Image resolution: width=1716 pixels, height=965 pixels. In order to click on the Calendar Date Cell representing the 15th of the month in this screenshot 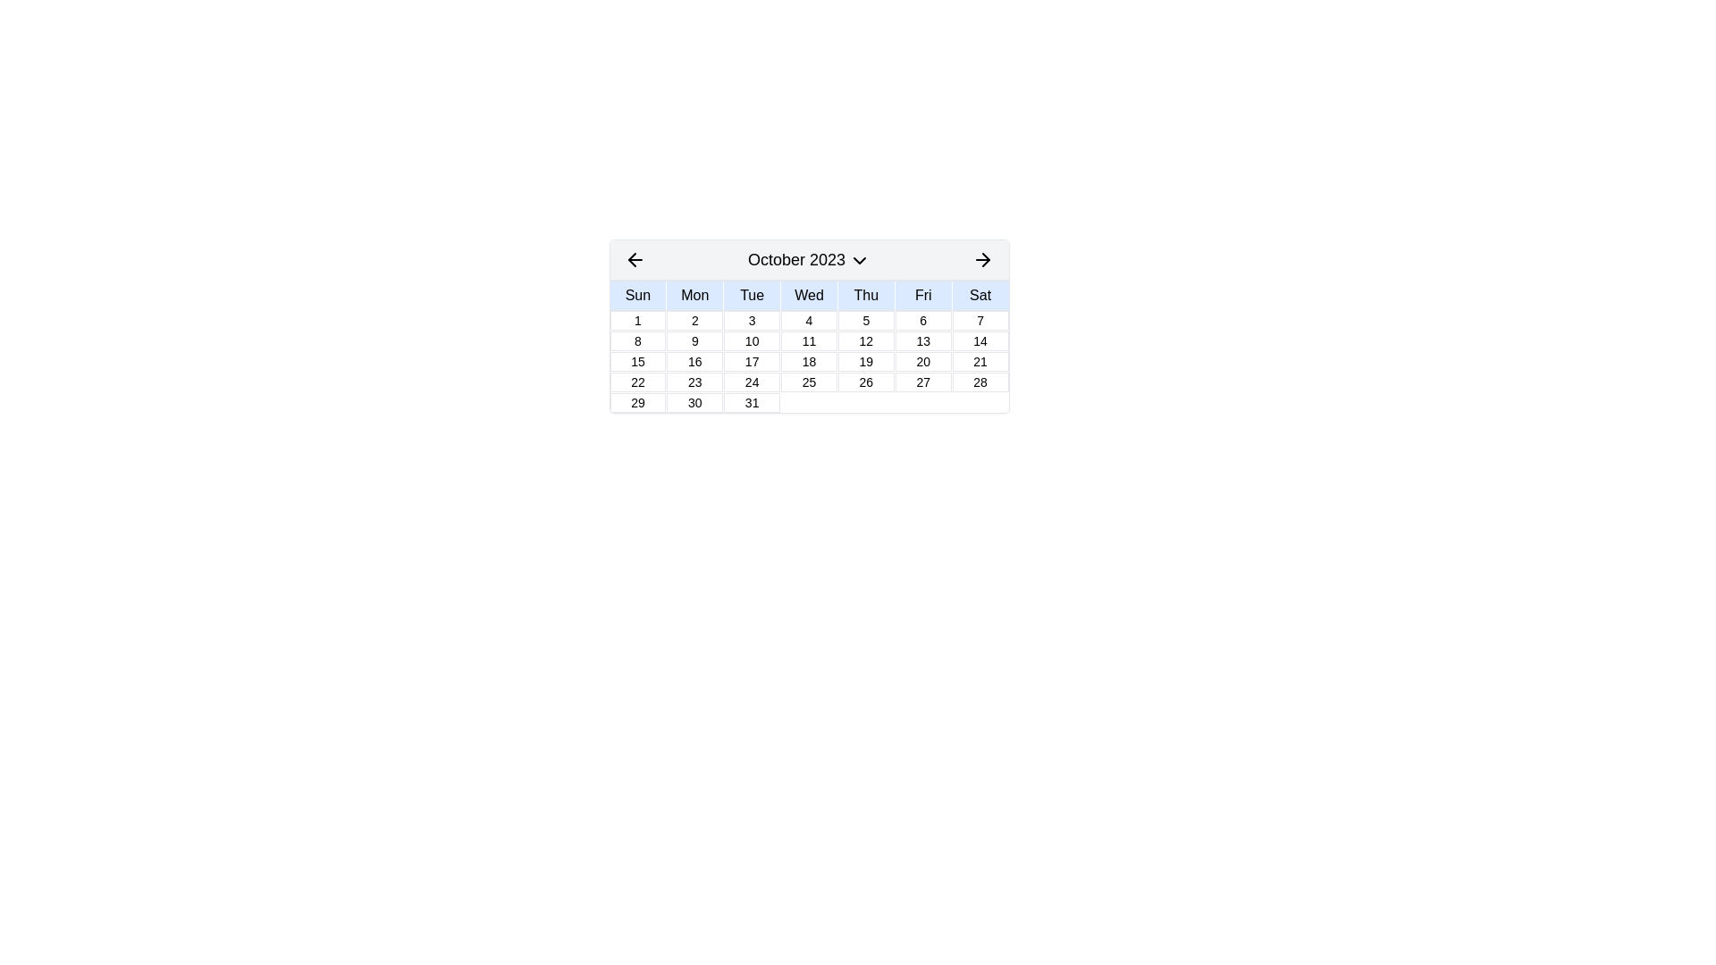, I will do `click(637, 362)`.